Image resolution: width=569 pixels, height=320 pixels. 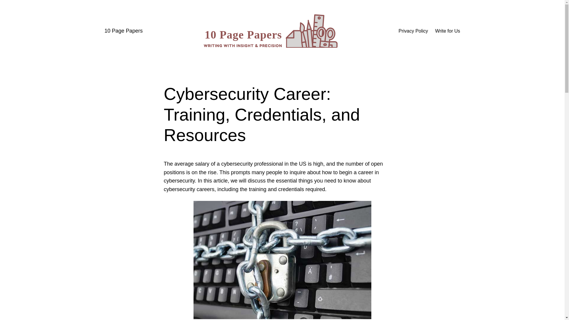 I want to click on 'Privacy Policy', so click(x=413, y=31).